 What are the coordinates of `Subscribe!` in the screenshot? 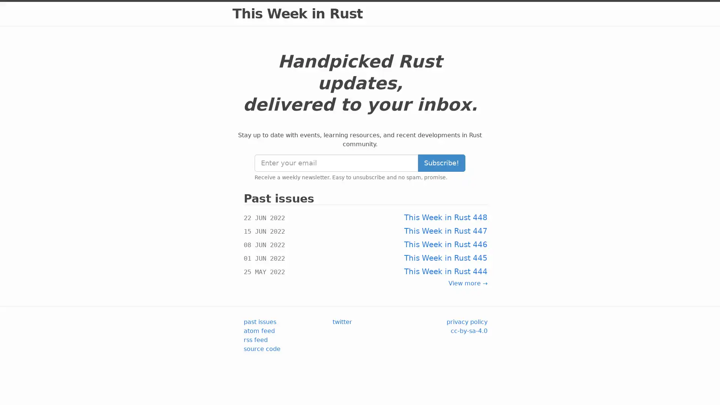 It's located at (441, 162).